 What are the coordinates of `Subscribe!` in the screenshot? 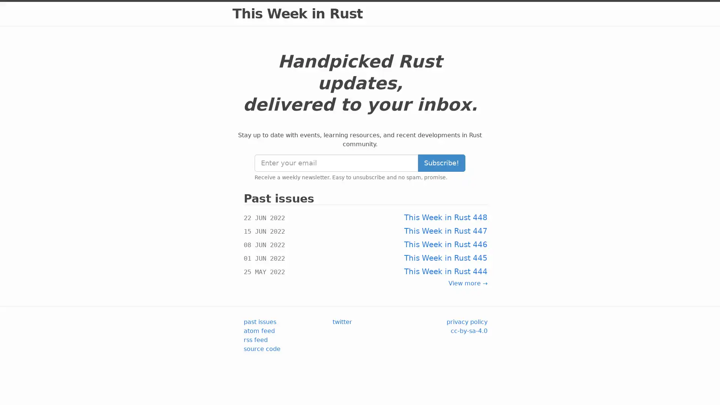 It's located at (441, 162).